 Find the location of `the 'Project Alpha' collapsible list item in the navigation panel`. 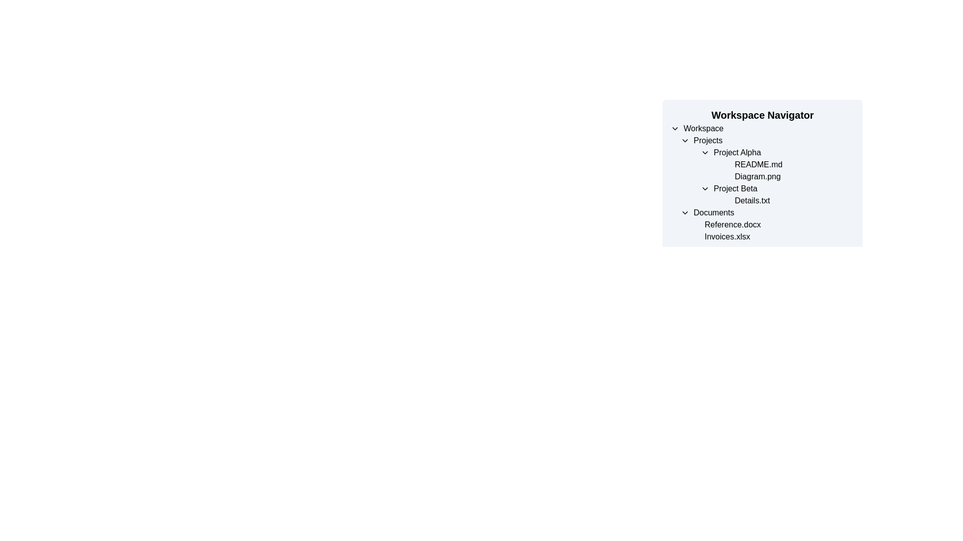

the 'Project Alpha' collapsible list item in the navigation panel is located at coordinates (777, 152).